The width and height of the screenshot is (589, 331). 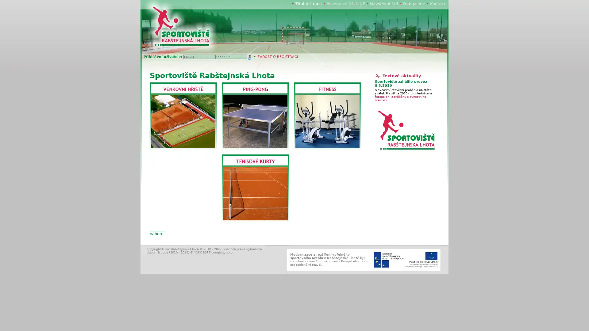 What do you see at coordinates (250, 57) in the screenshot?
I see `Submit` at bounding box center [250, 57].